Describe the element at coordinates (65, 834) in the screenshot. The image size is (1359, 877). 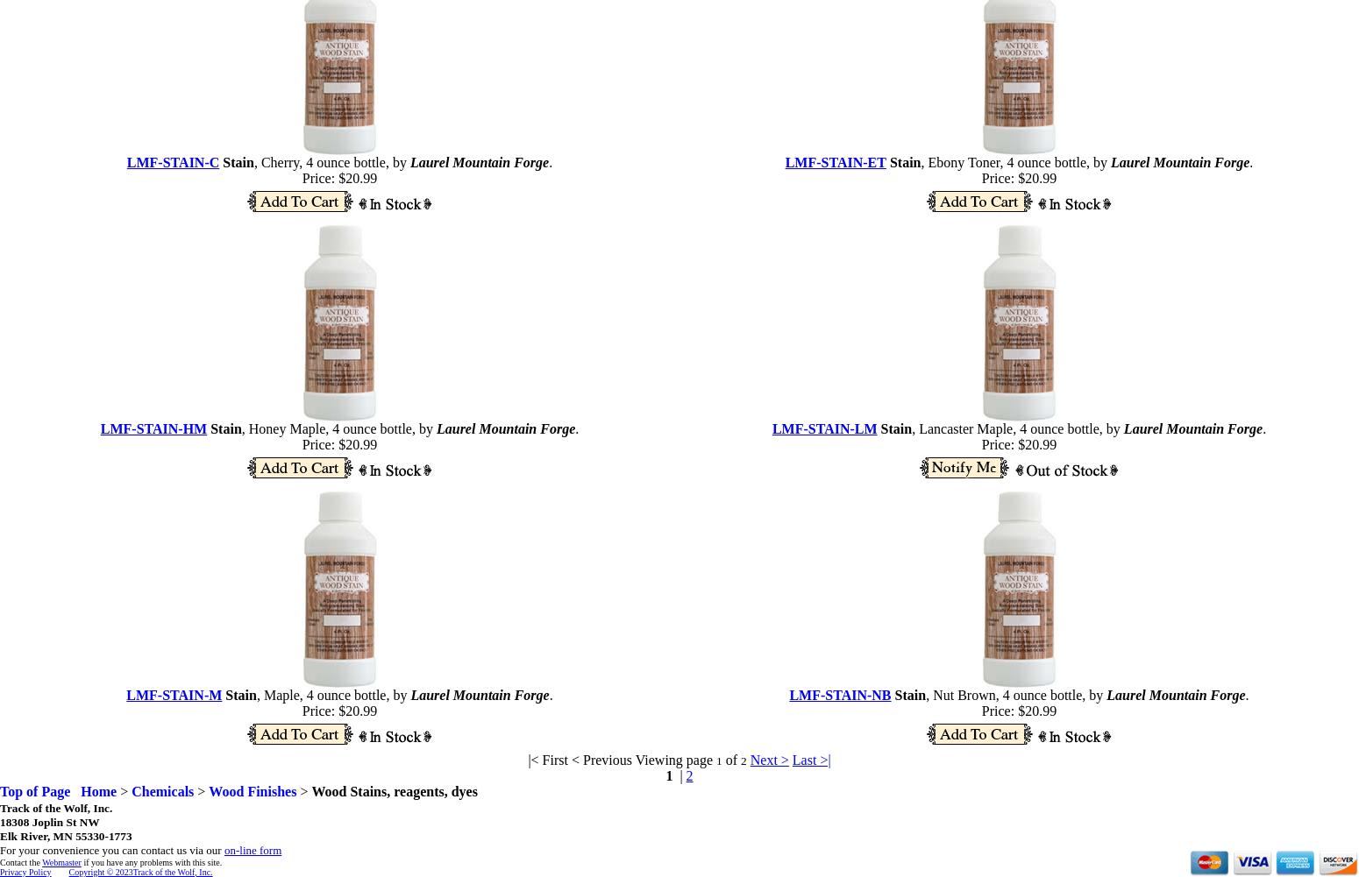
I see `'Elk River, MN 55330-1773'` at that location.